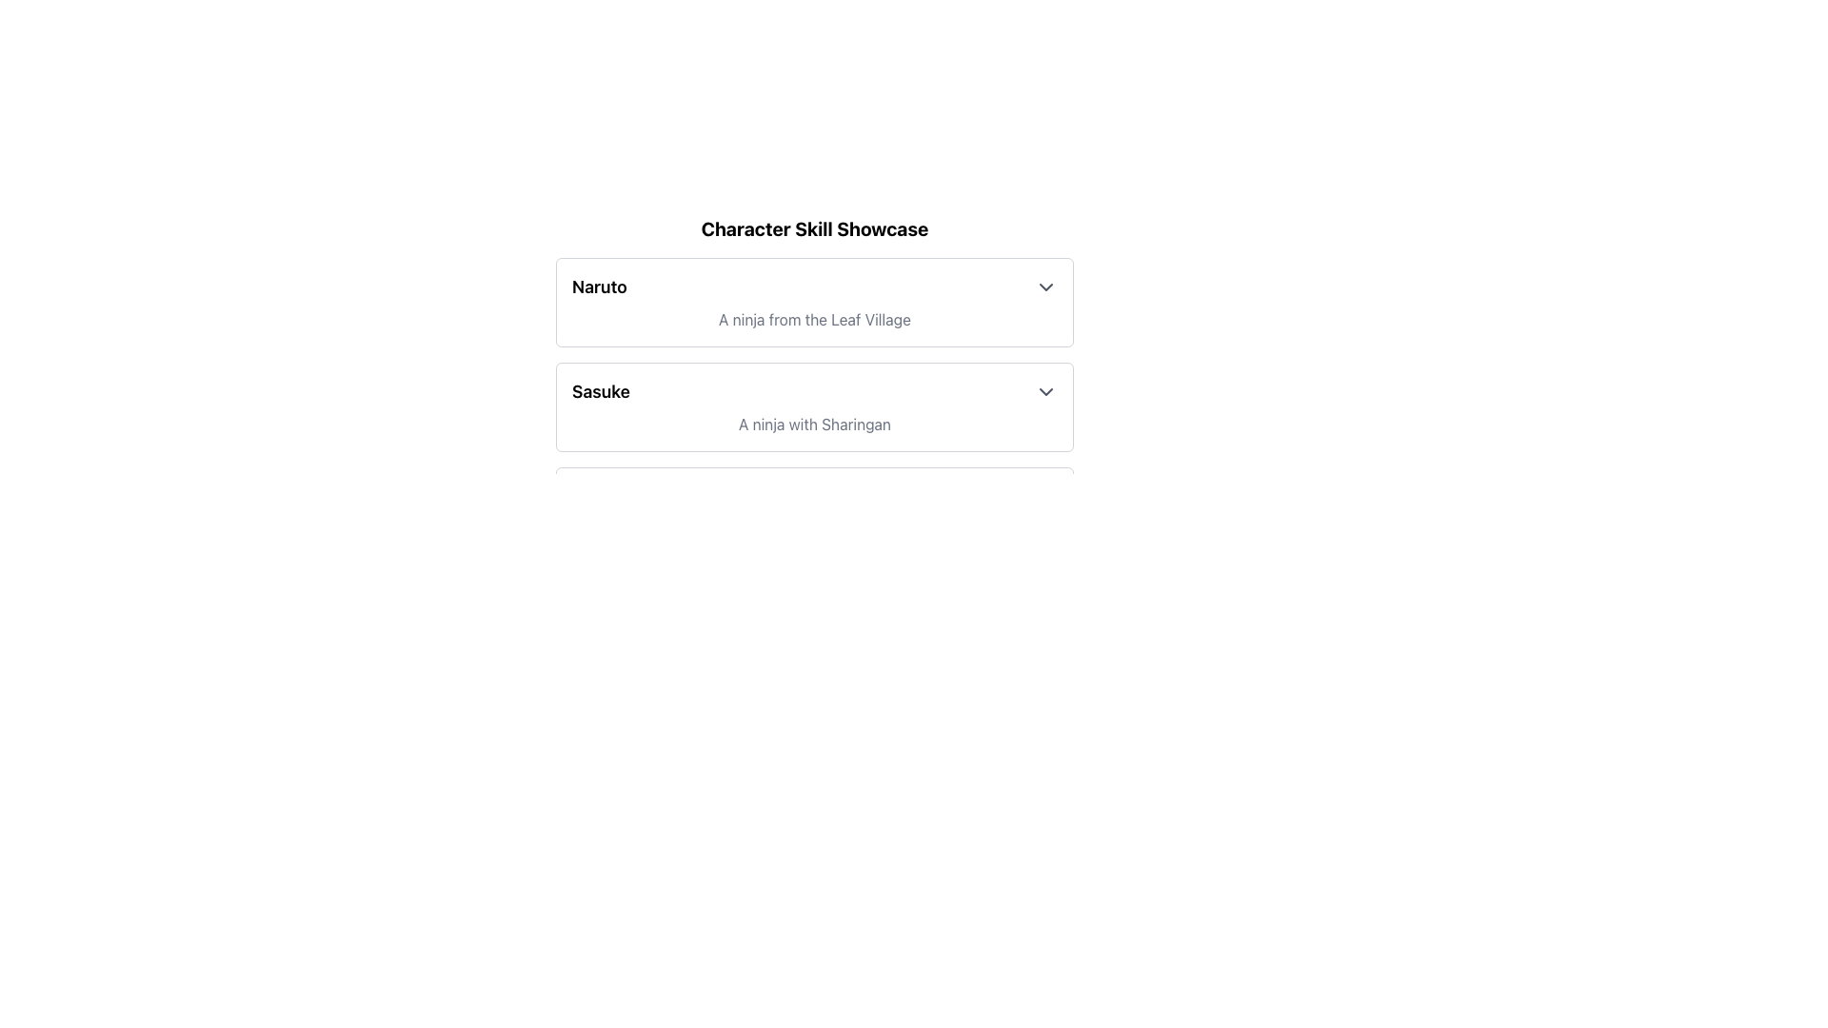 The width and height of the screenshot is (1828, 1028). I want to click on the Dropdown toggle button, which is a small downward-facing chevron icon located to the right of the text 'Naruto', so click(1045, 287).